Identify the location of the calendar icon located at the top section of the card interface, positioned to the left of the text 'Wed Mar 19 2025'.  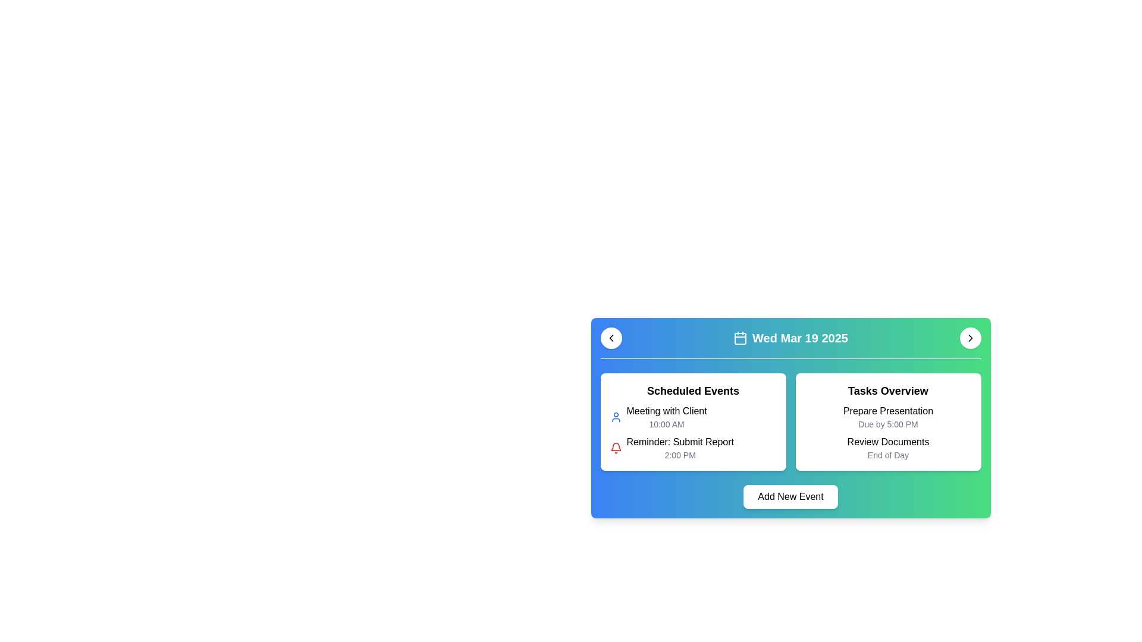
(740, 338).